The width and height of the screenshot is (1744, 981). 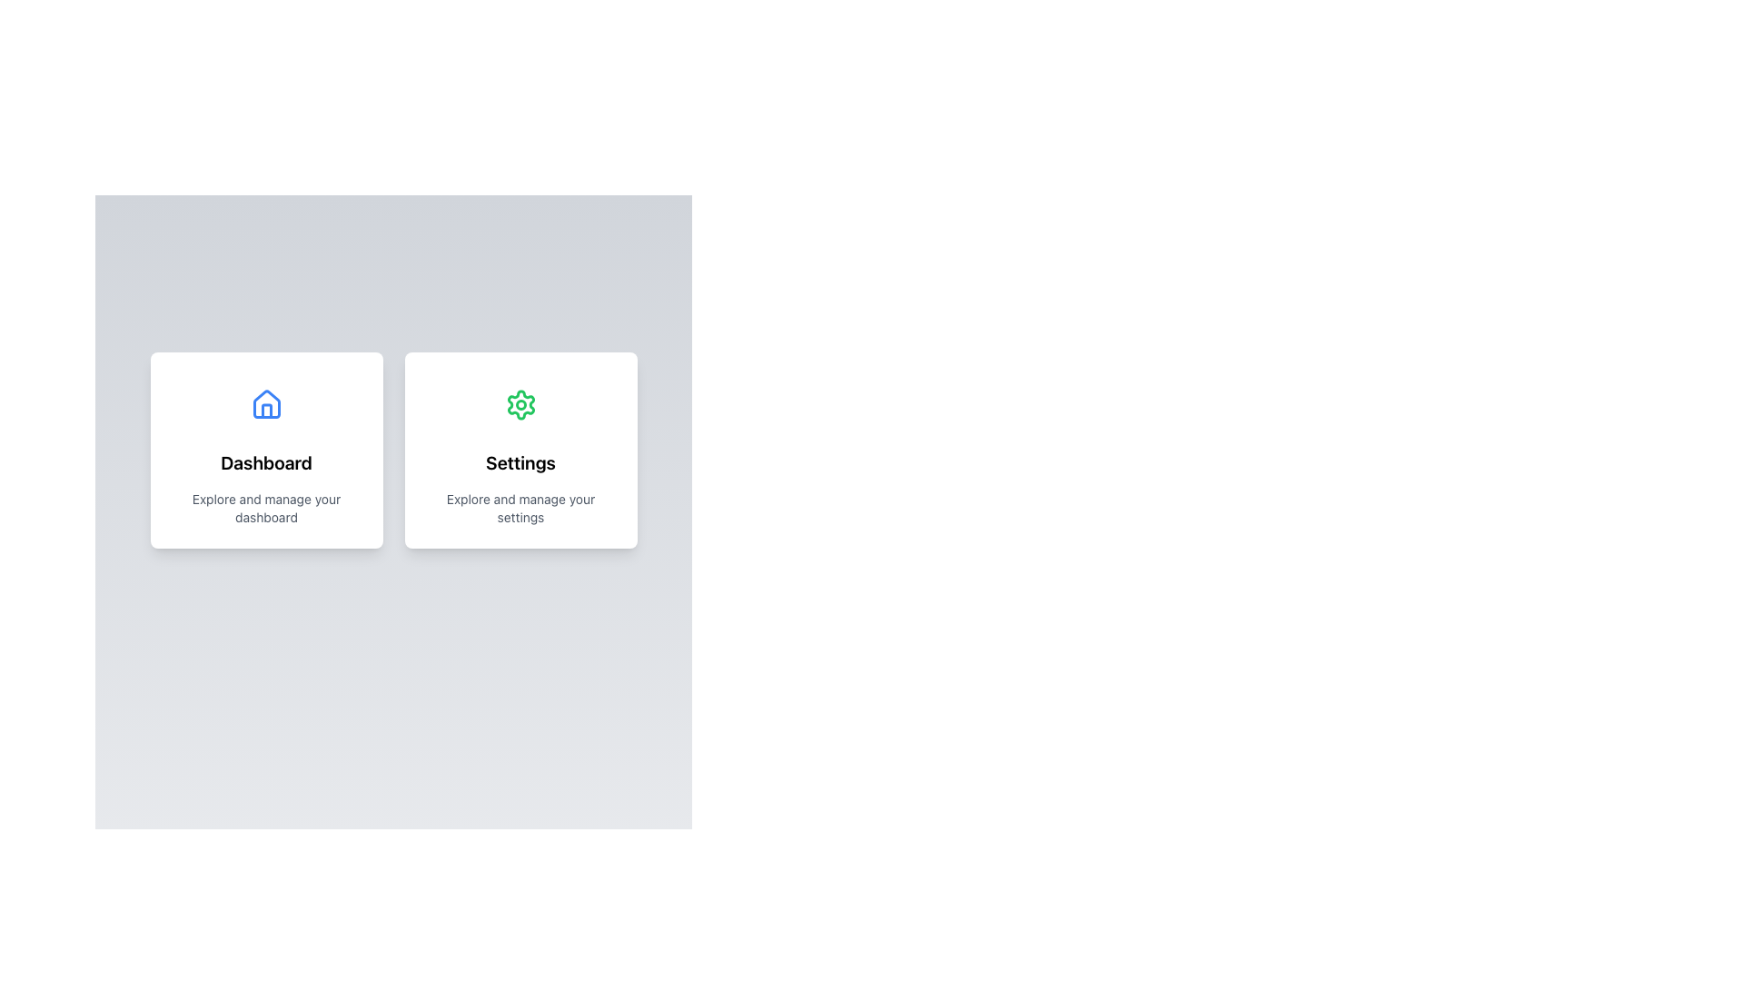 I want to click on the door icon within the house emblem displayed on the 'Dashboard' card, which is styled with a blue stroke and red details, so click(x=265, y=411).